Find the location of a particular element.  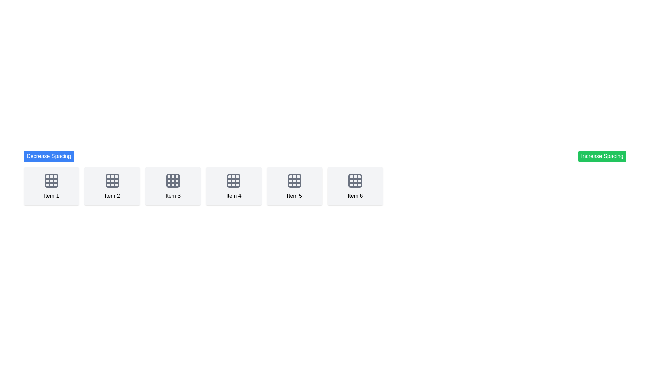

the 'Increase Spacing' button, which has a green background and white text, to observe the hover effect is located at coordinates (602, 156).